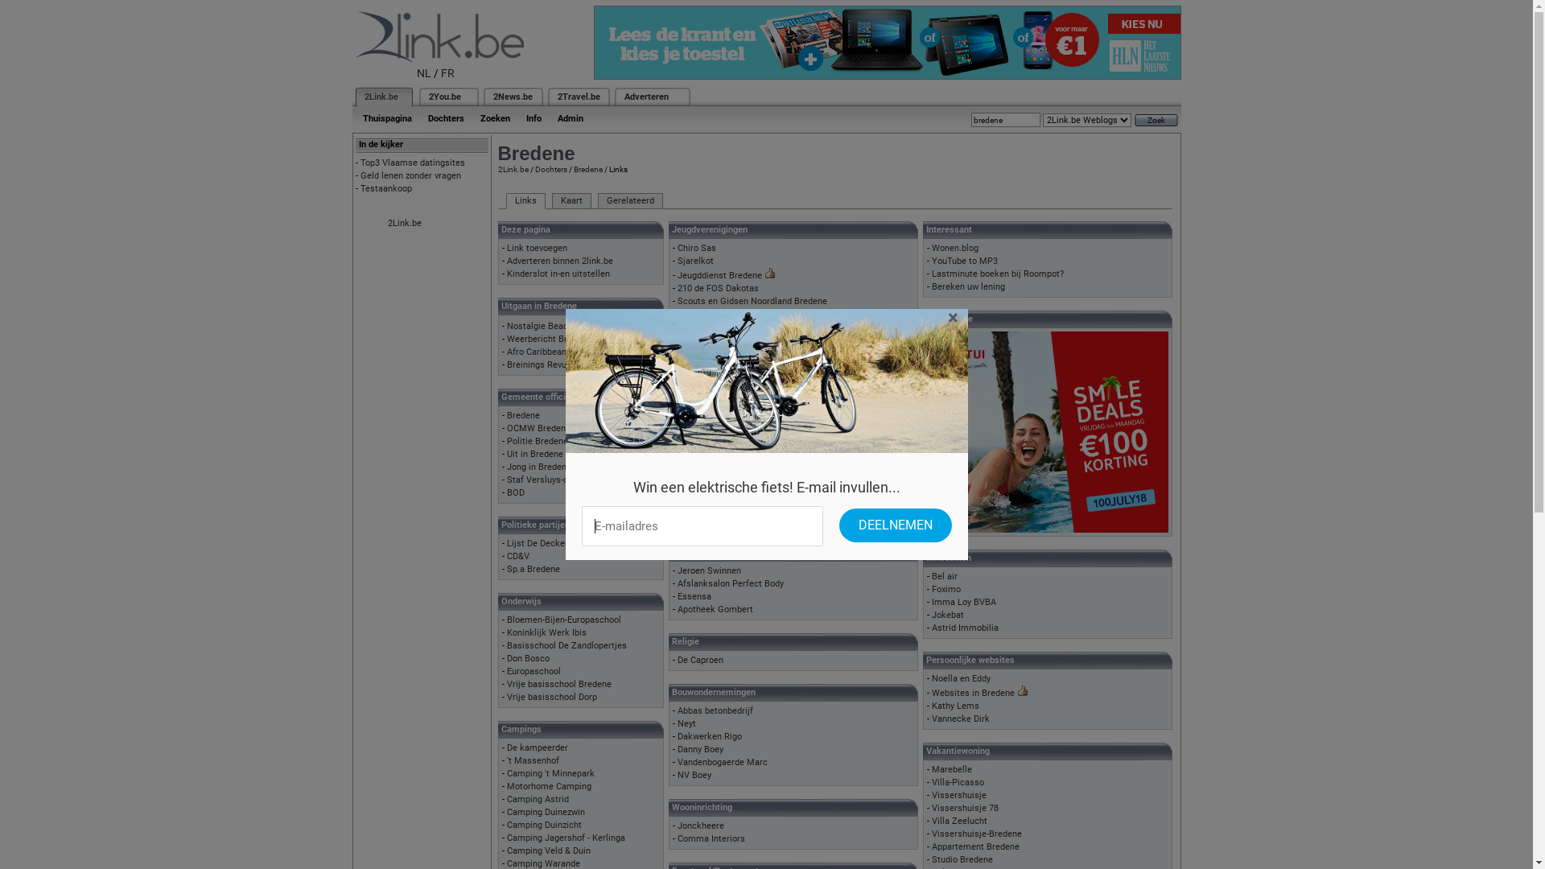 The height and width of the screenshot is (869, 1545). I want to click on '2You.be', so click(444, 97).